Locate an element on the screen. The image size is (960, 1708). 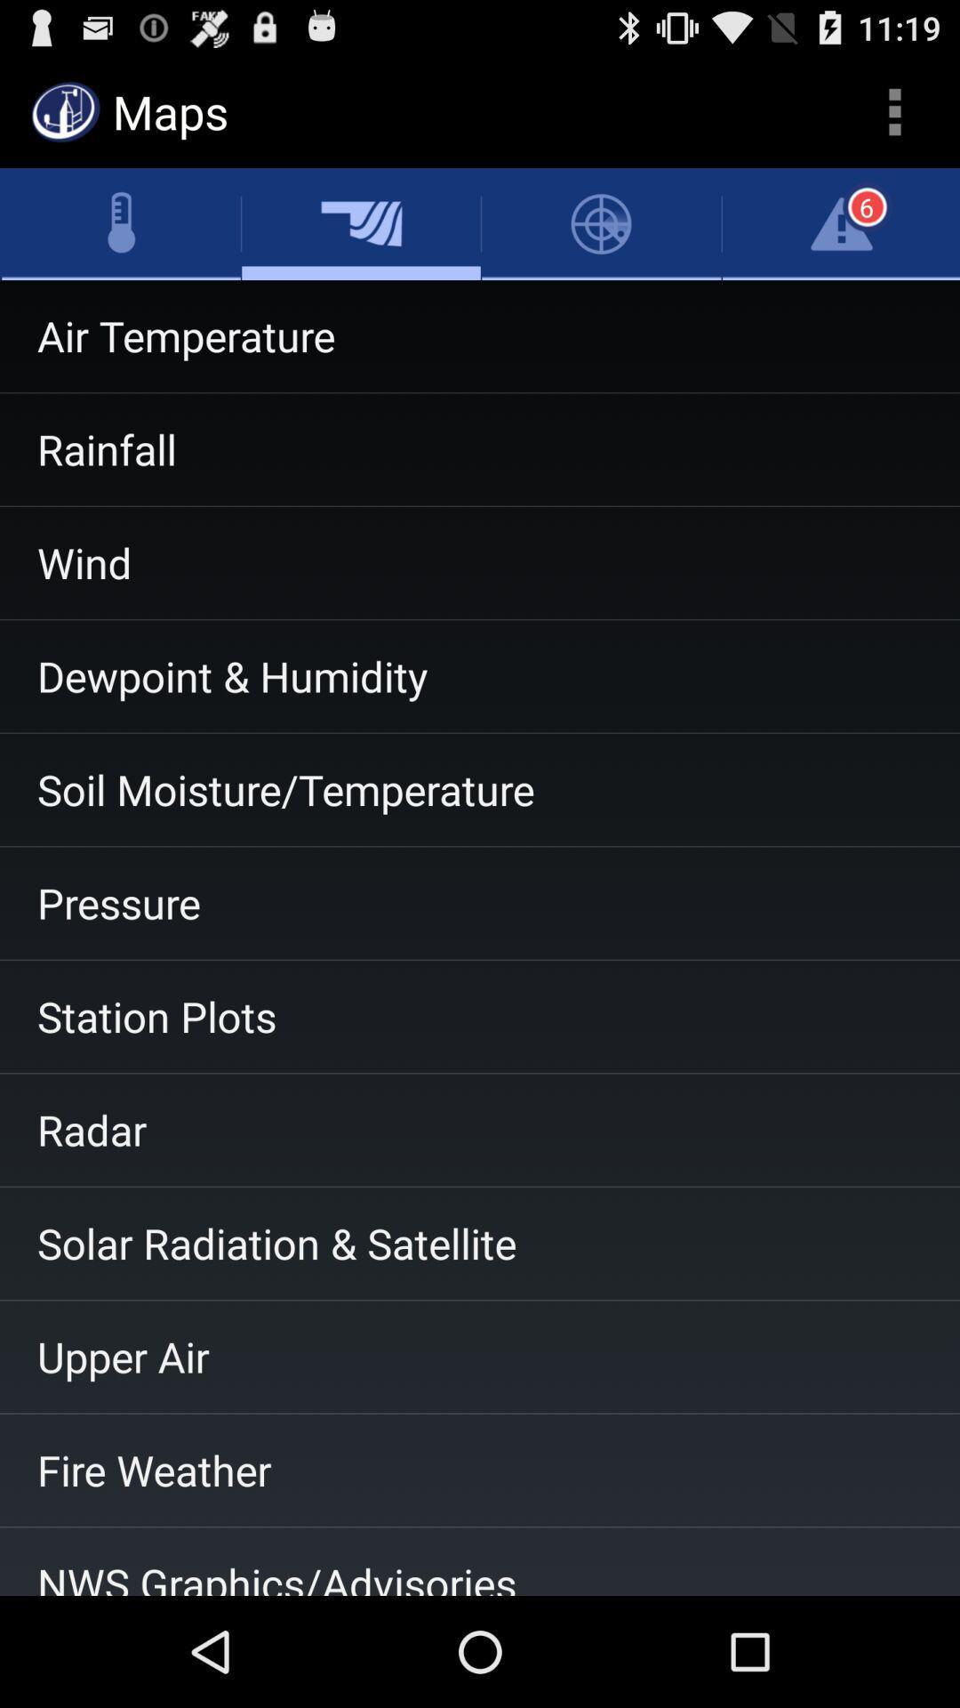
app above rainfall item is located at coordinates (480, 336).